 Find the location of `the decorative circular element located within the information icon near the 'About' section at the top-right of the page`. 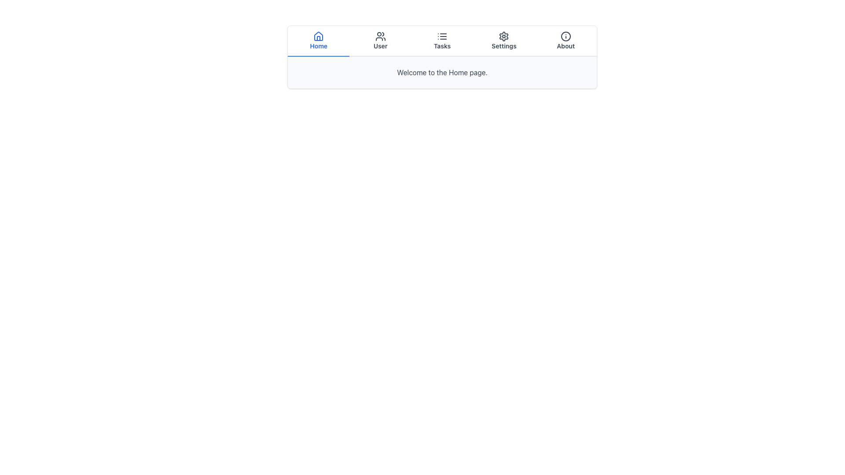

the decorative circular element located within the information icon near the 'About' section at the top-right of the page is located at coordinates (566, 36).